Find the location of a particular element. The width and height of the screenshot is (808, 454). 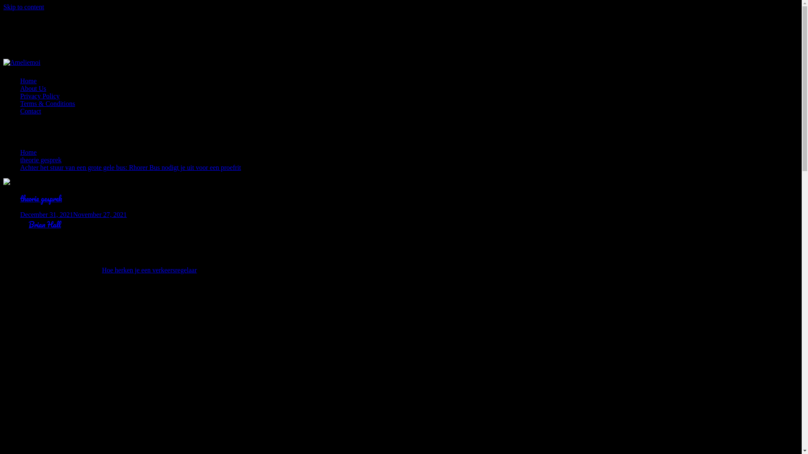

'theorie gesprek' is located at coordinates (40, 160).